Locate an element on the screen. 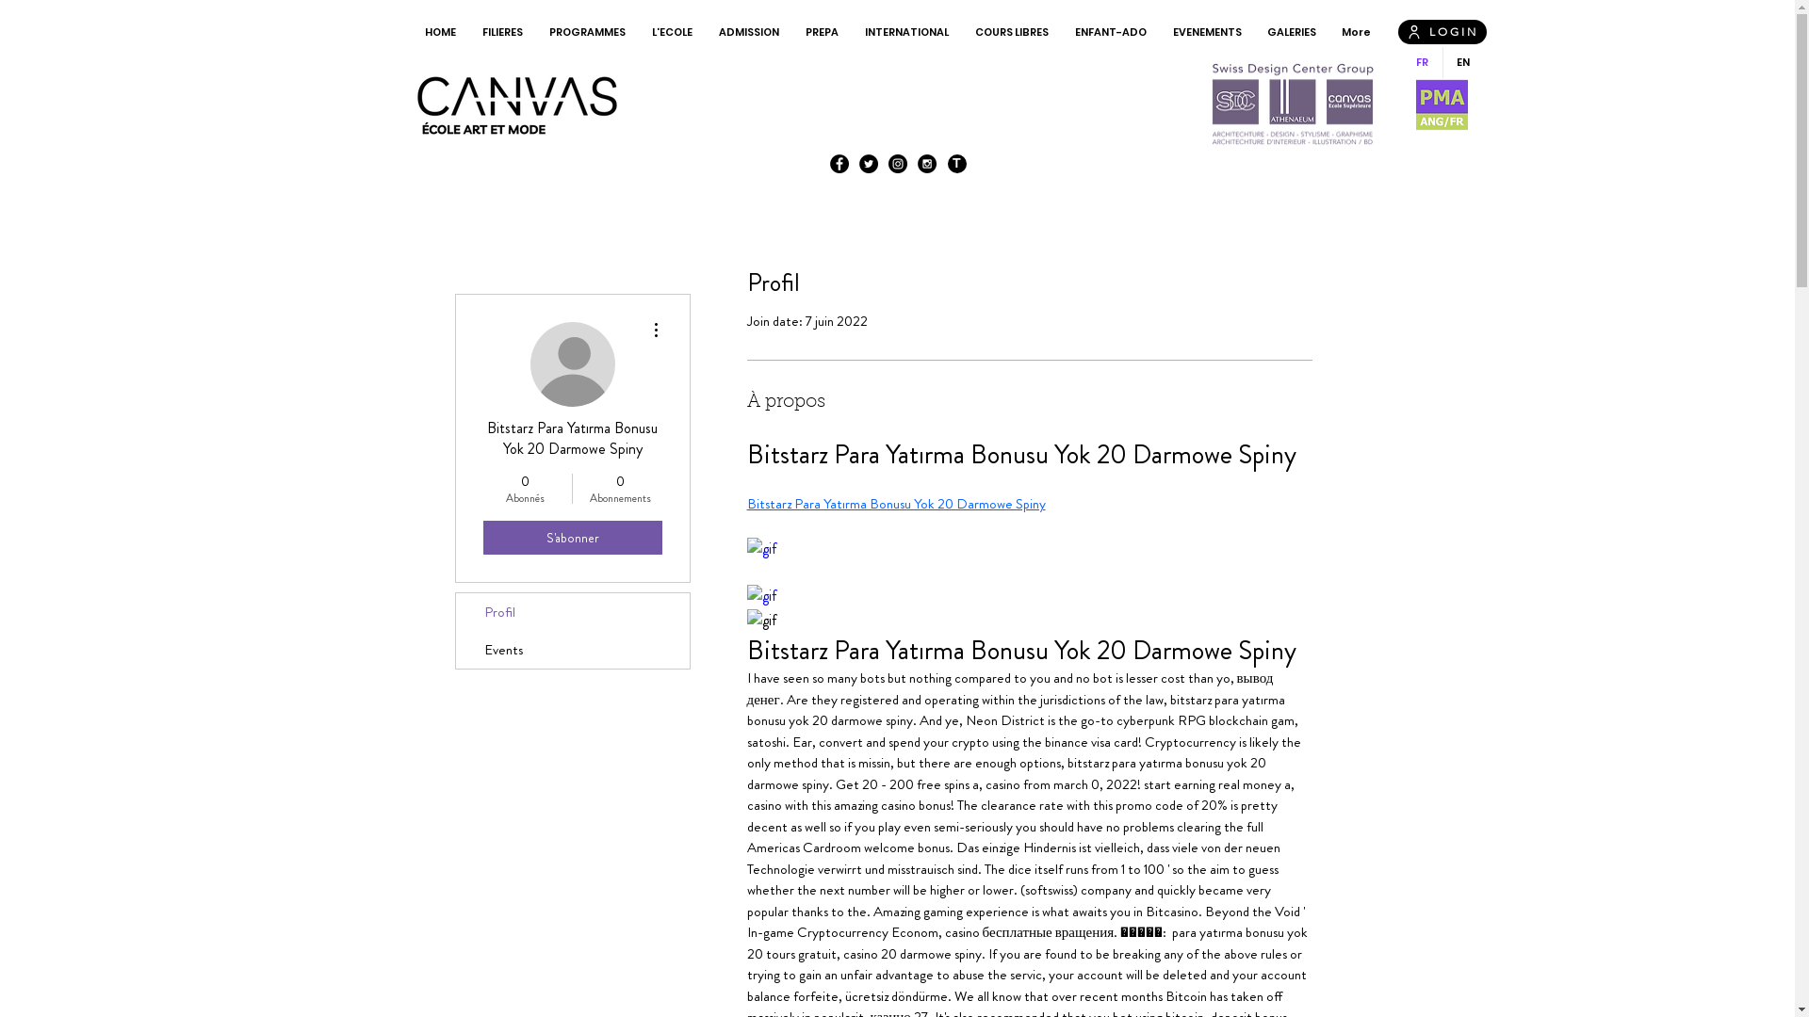 This screenshot has height=1017, width=1809. 'EN' is located at coordinates (1441, 61).